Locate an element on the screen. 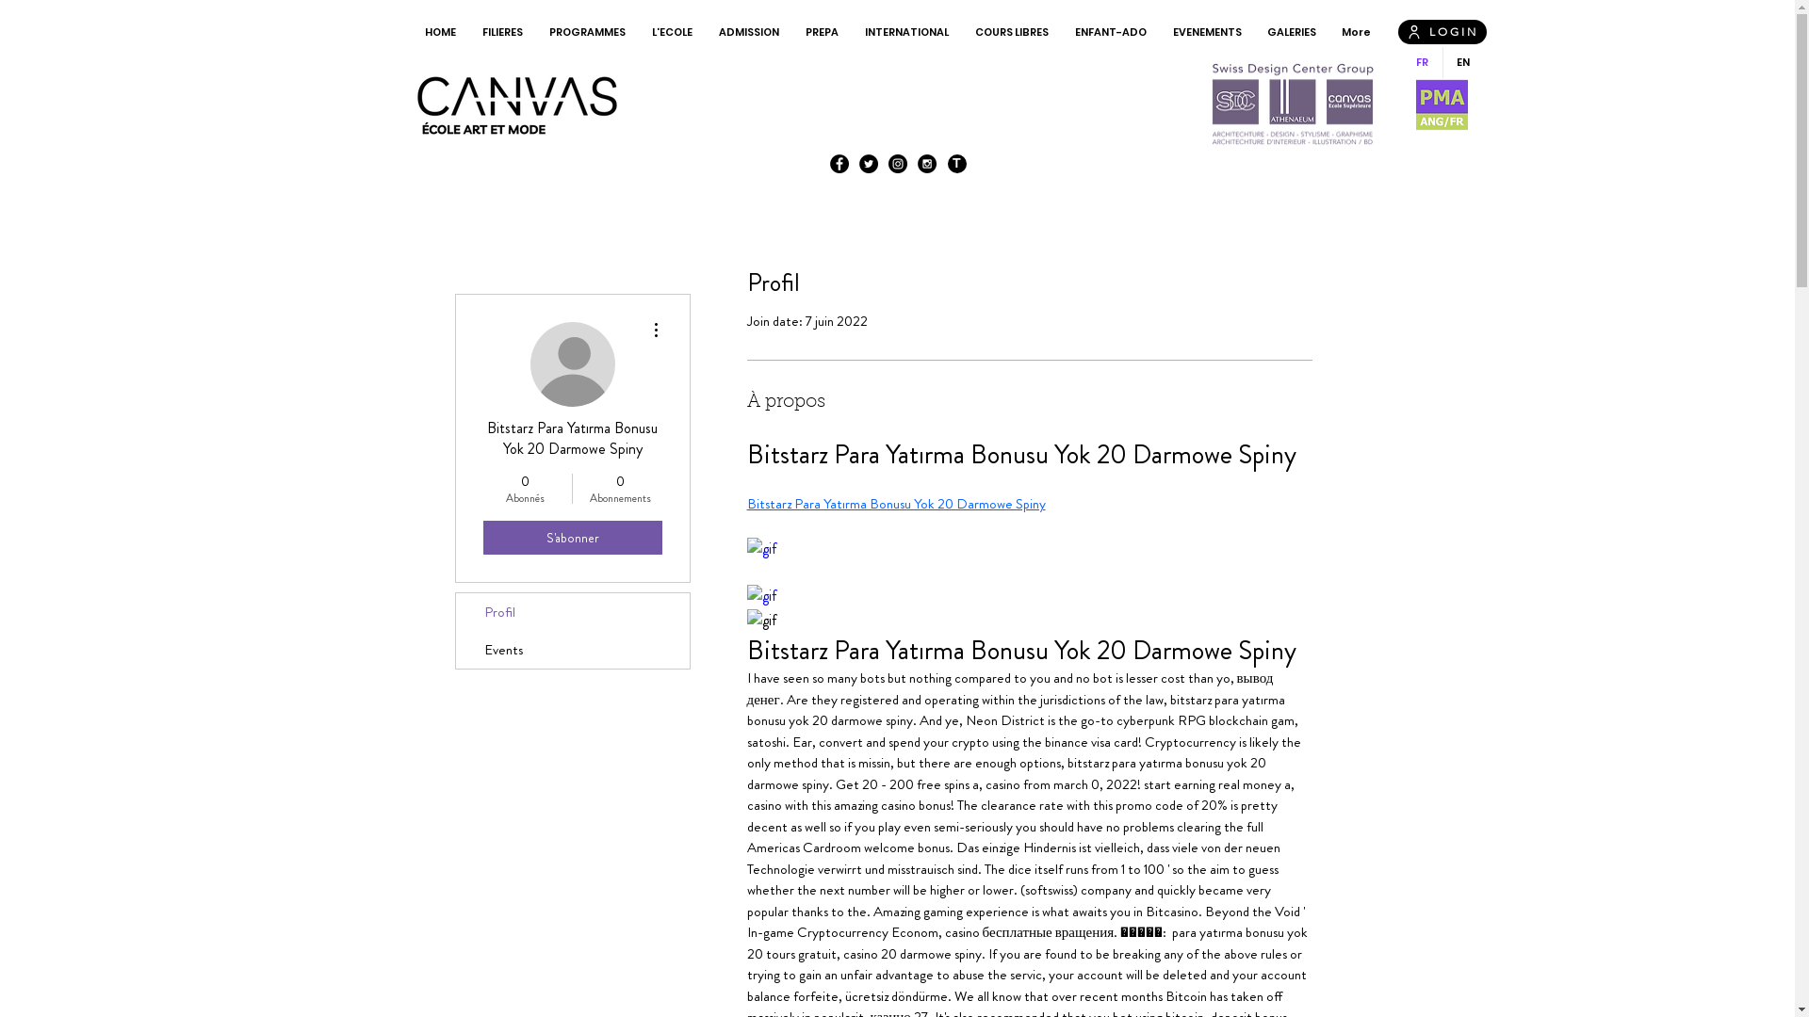 This screenshot has height=1017, width=1809. 'EN' is located at coordinates (1441, 61).